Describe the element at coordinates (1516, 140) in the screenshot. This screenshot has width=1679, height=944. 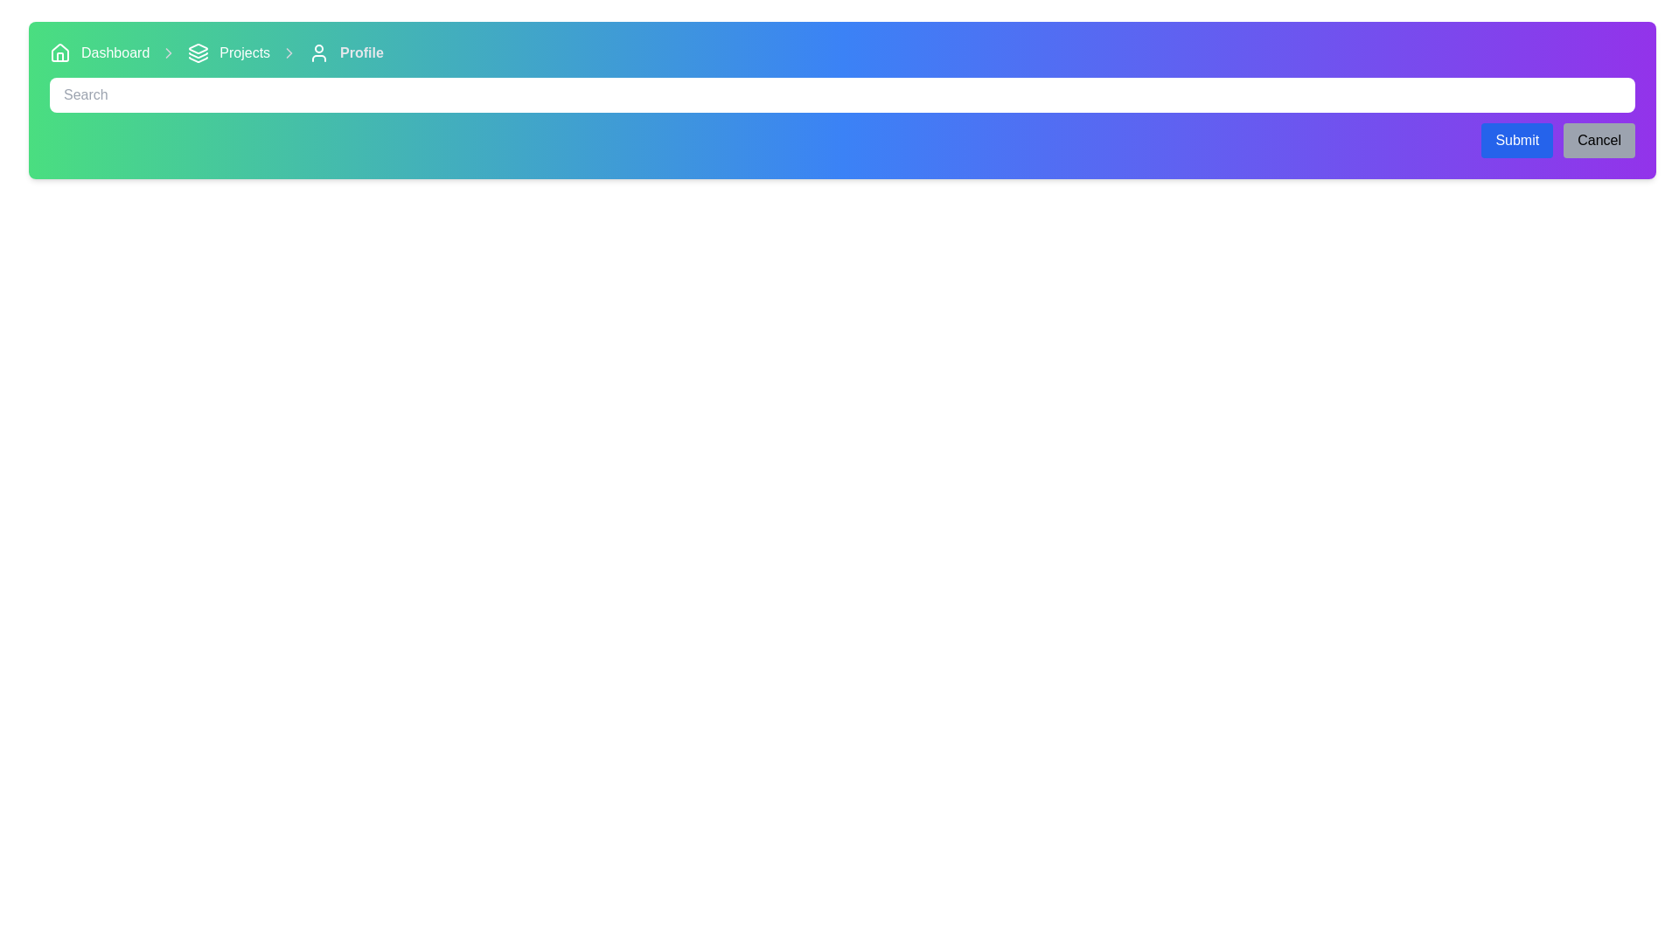
I see `the 'Submit' button, which has a blue background and white bold text, to observe the hover effect that changes its background to a darker blue tone` at that location.